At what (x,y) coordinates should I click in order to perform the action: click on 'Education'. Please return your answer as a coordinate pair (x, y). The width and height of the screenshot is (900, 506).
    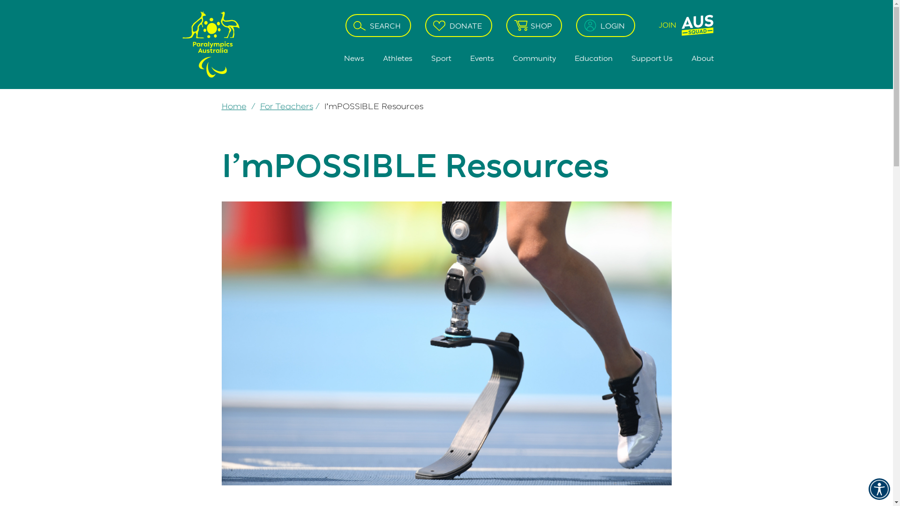
    Looking at the image, I should click on (593, 58).